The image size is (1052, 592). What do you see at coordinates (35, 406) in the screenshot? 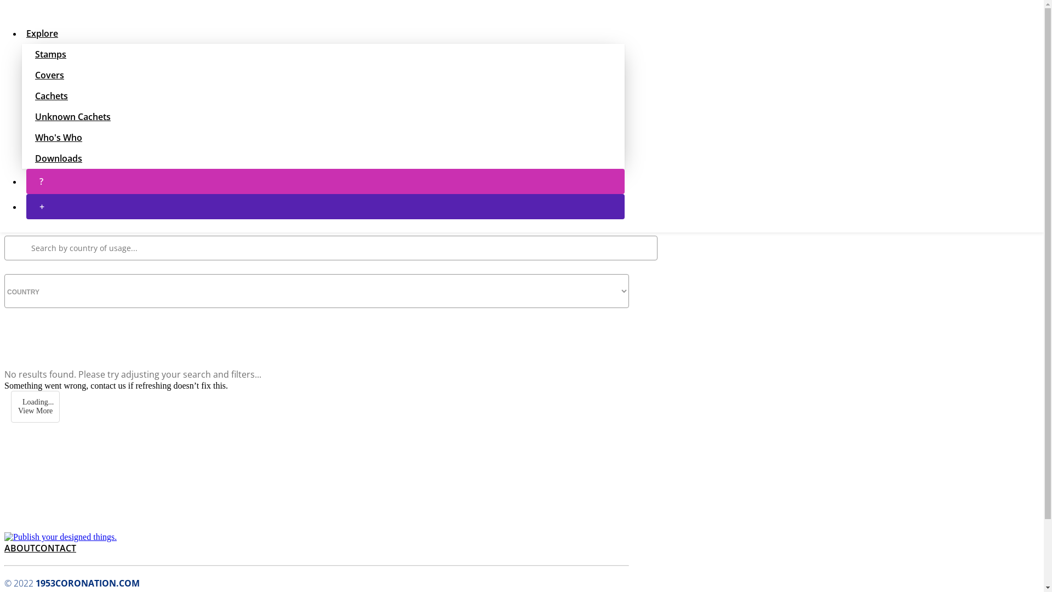
I see `'Loading...` at bounding box center [35, 406].